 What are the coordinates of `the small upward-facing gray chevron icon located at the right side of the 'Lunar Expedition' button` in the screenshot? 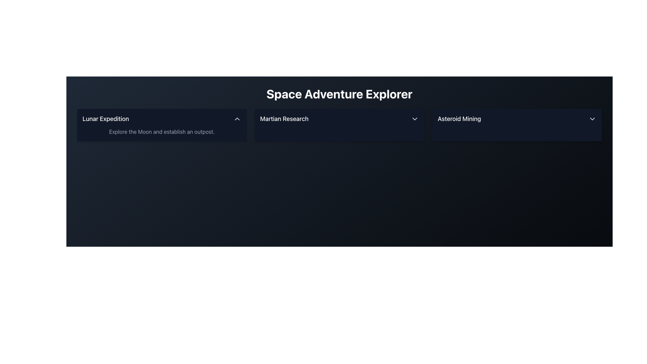 It's located at (237, 119).